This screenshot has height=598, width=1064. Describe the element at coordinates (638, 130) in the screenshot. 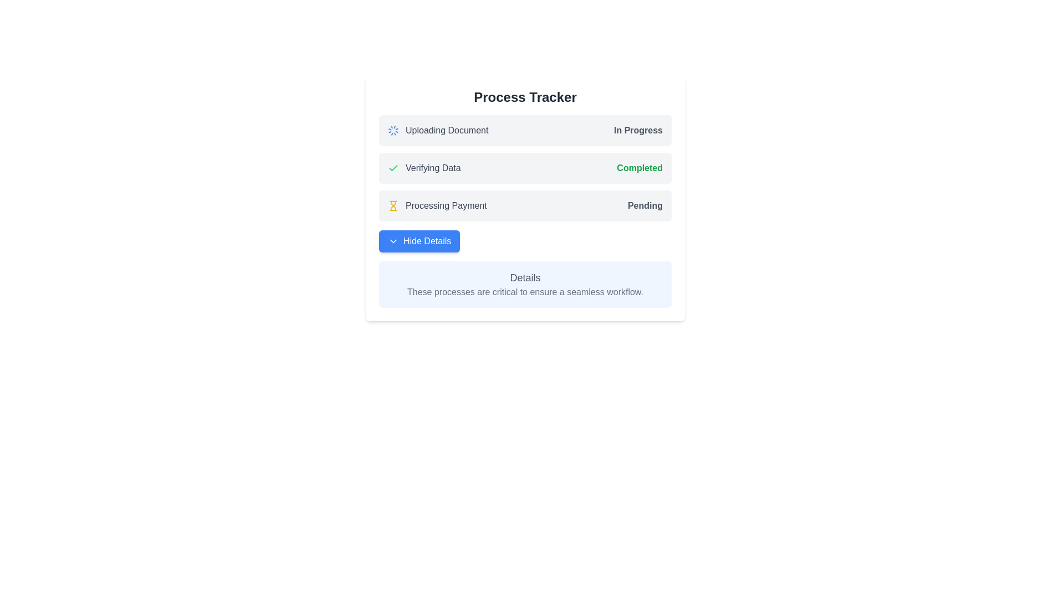

I see `the status indicator text labeled 'In Progress' on the right end of the 'Uploading Document' process tracker panel` at that location.